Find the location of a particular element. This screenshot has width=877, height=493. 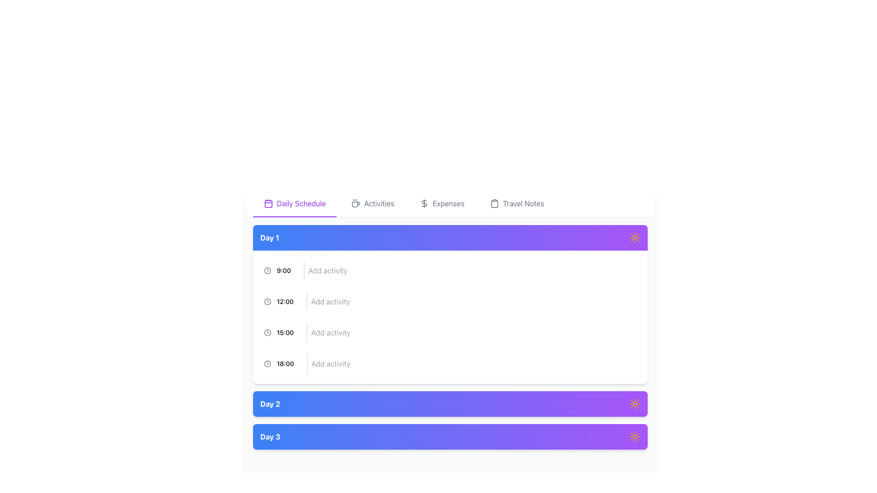

the interactive list item displaying the time '15:00' is located at coordinates (450, 333).